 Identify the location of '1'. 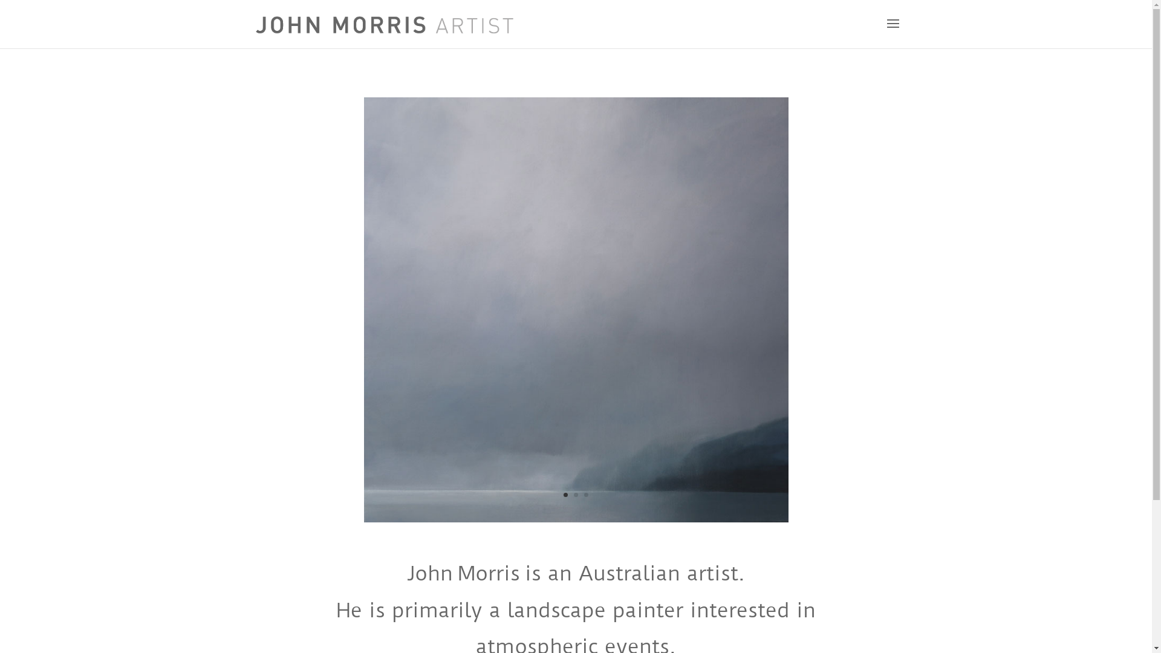
(565, 495).